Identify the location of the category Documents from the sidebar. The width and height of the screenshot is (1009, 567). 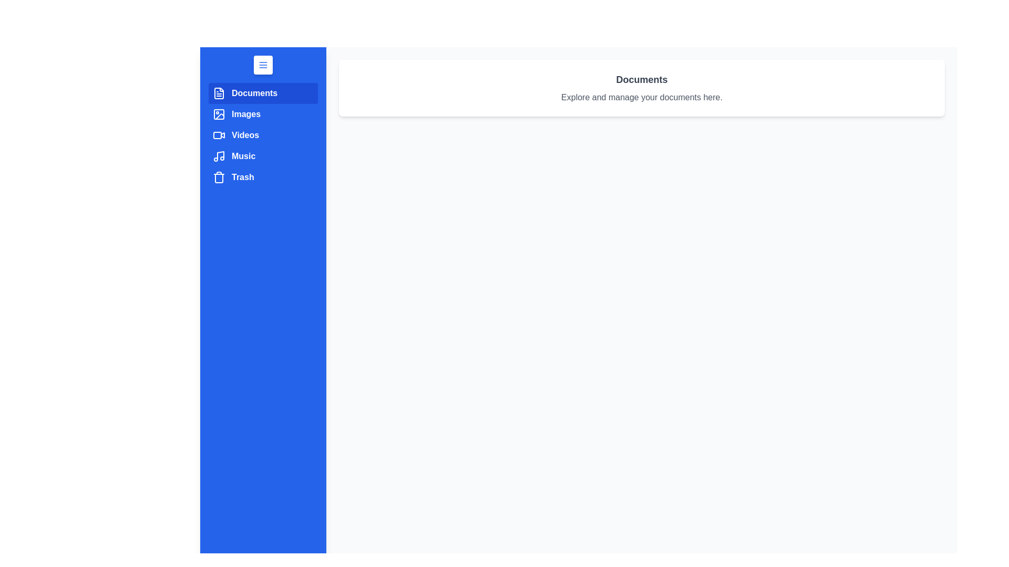
(263, 92).